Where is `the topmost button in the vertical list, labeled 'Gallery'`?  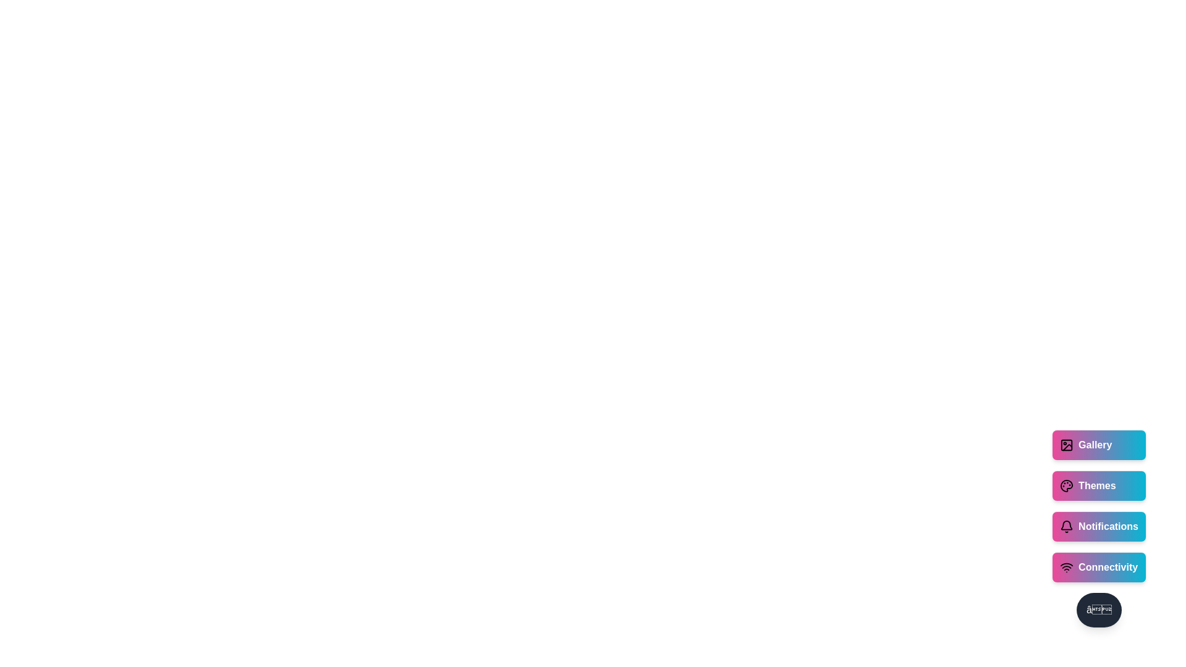 the topmost button in the vertical list, labeled 'Gallery' is located at coordinates (1099, 445).